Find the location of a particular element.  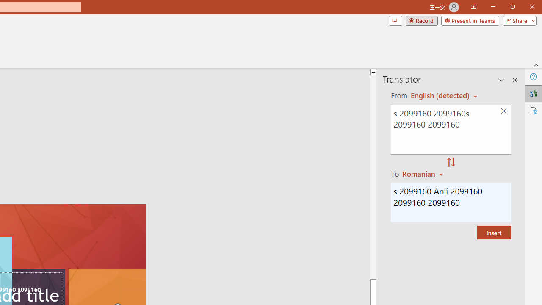

'Accessibility' is located at coordinates (533, 110).